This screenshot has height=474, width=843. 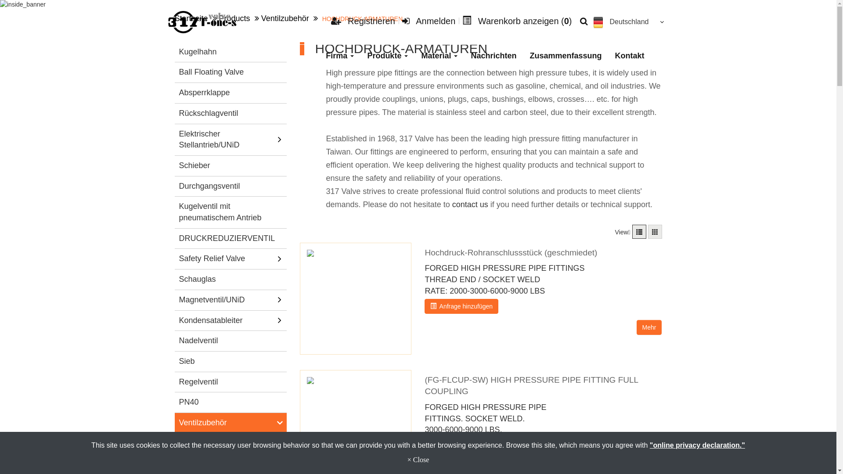 What do you see at coordinates (363, 20) in the screenshot?
I see `'Registrieren'` at bounding box center [363, 20].